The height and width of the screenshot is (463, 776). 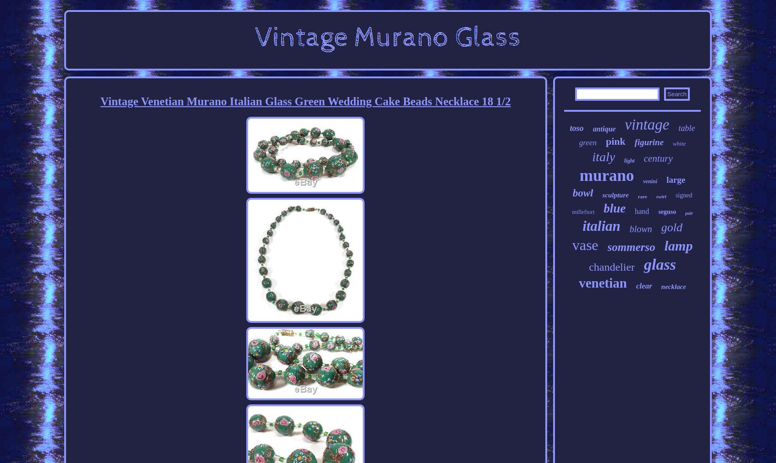 What do you see at coordinates (588, 267) in the screenshot?
I see `'chandelier'` at bounding box center [588, 267].